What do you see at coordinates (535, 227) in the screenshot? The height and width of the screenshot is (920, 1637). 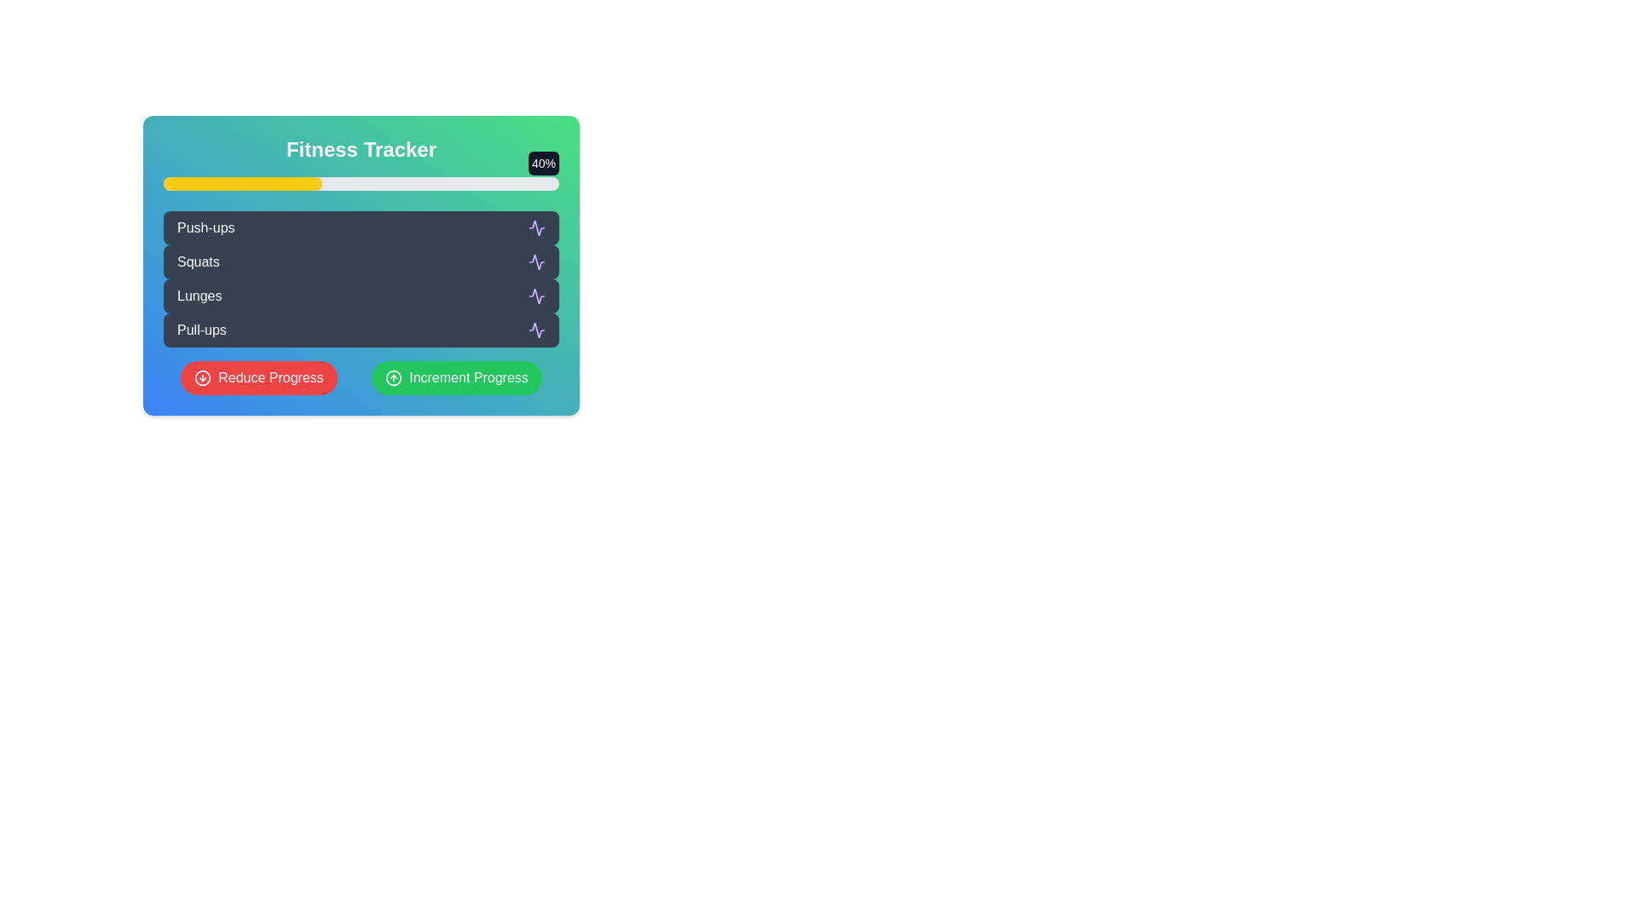 I see `the decorative SVG icon associated with 'Push-ups' located adjacent to the text within the fitness tracker table` at bounding box center [535, 227].